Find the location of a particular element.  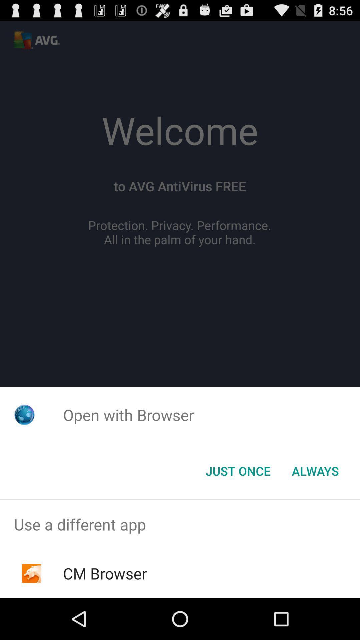

use a different item is located at coordinates (180, 524).